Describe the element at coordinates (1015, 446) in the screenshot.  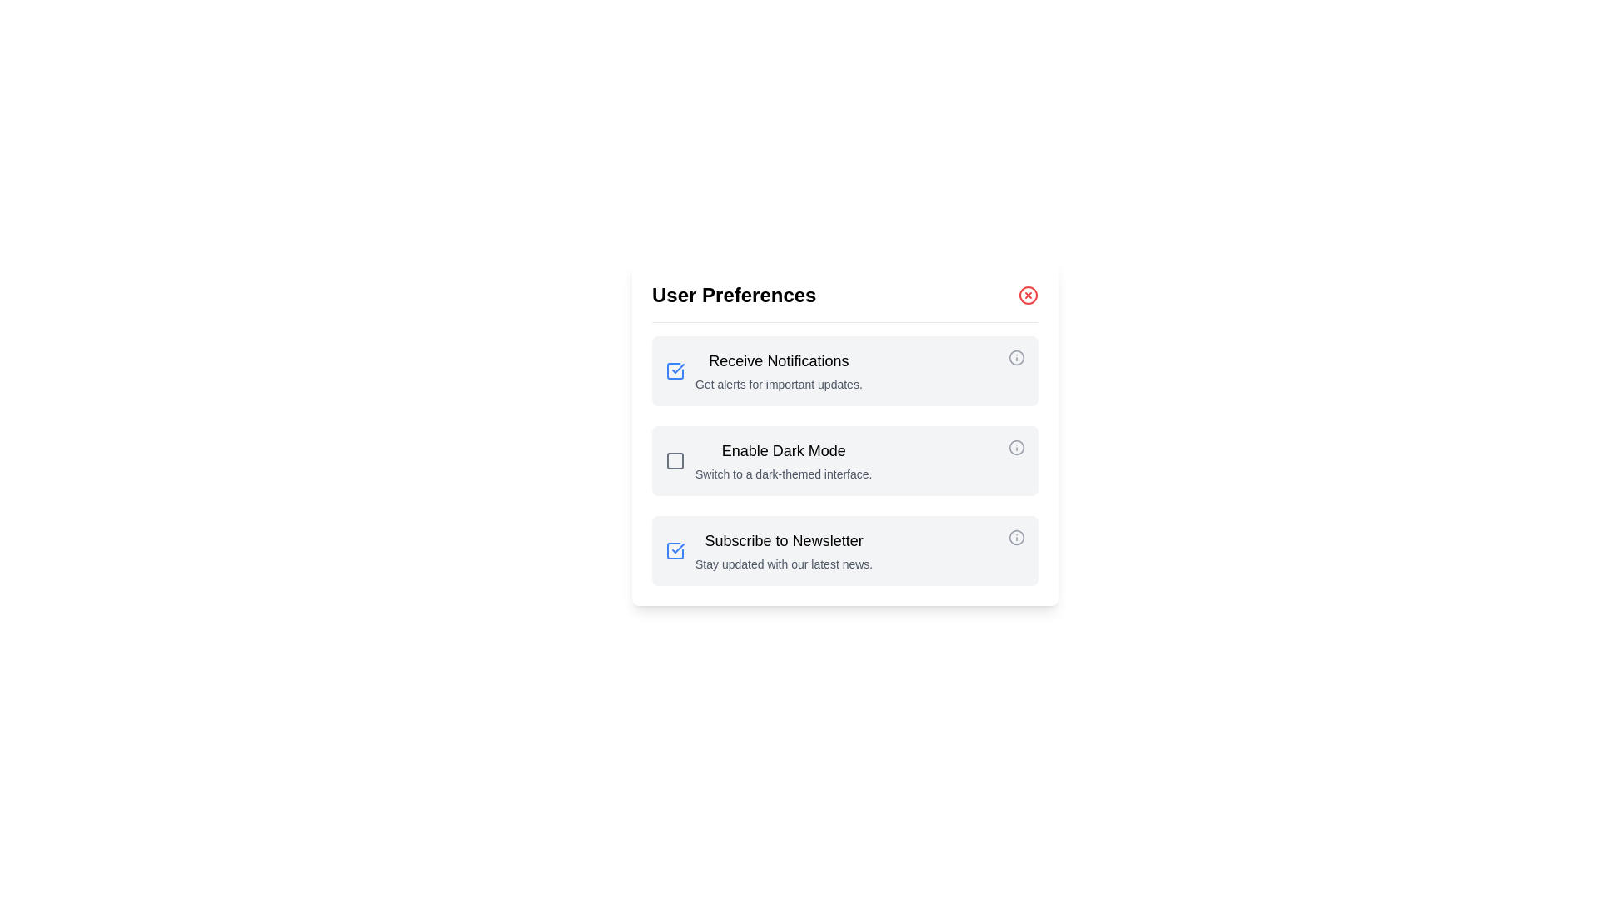
I see `the Circle icon, which is a circular shape with a simple outline located near the bottom-right corner of the second preference option, adjacent to the square icon with a cross inside` at that location.